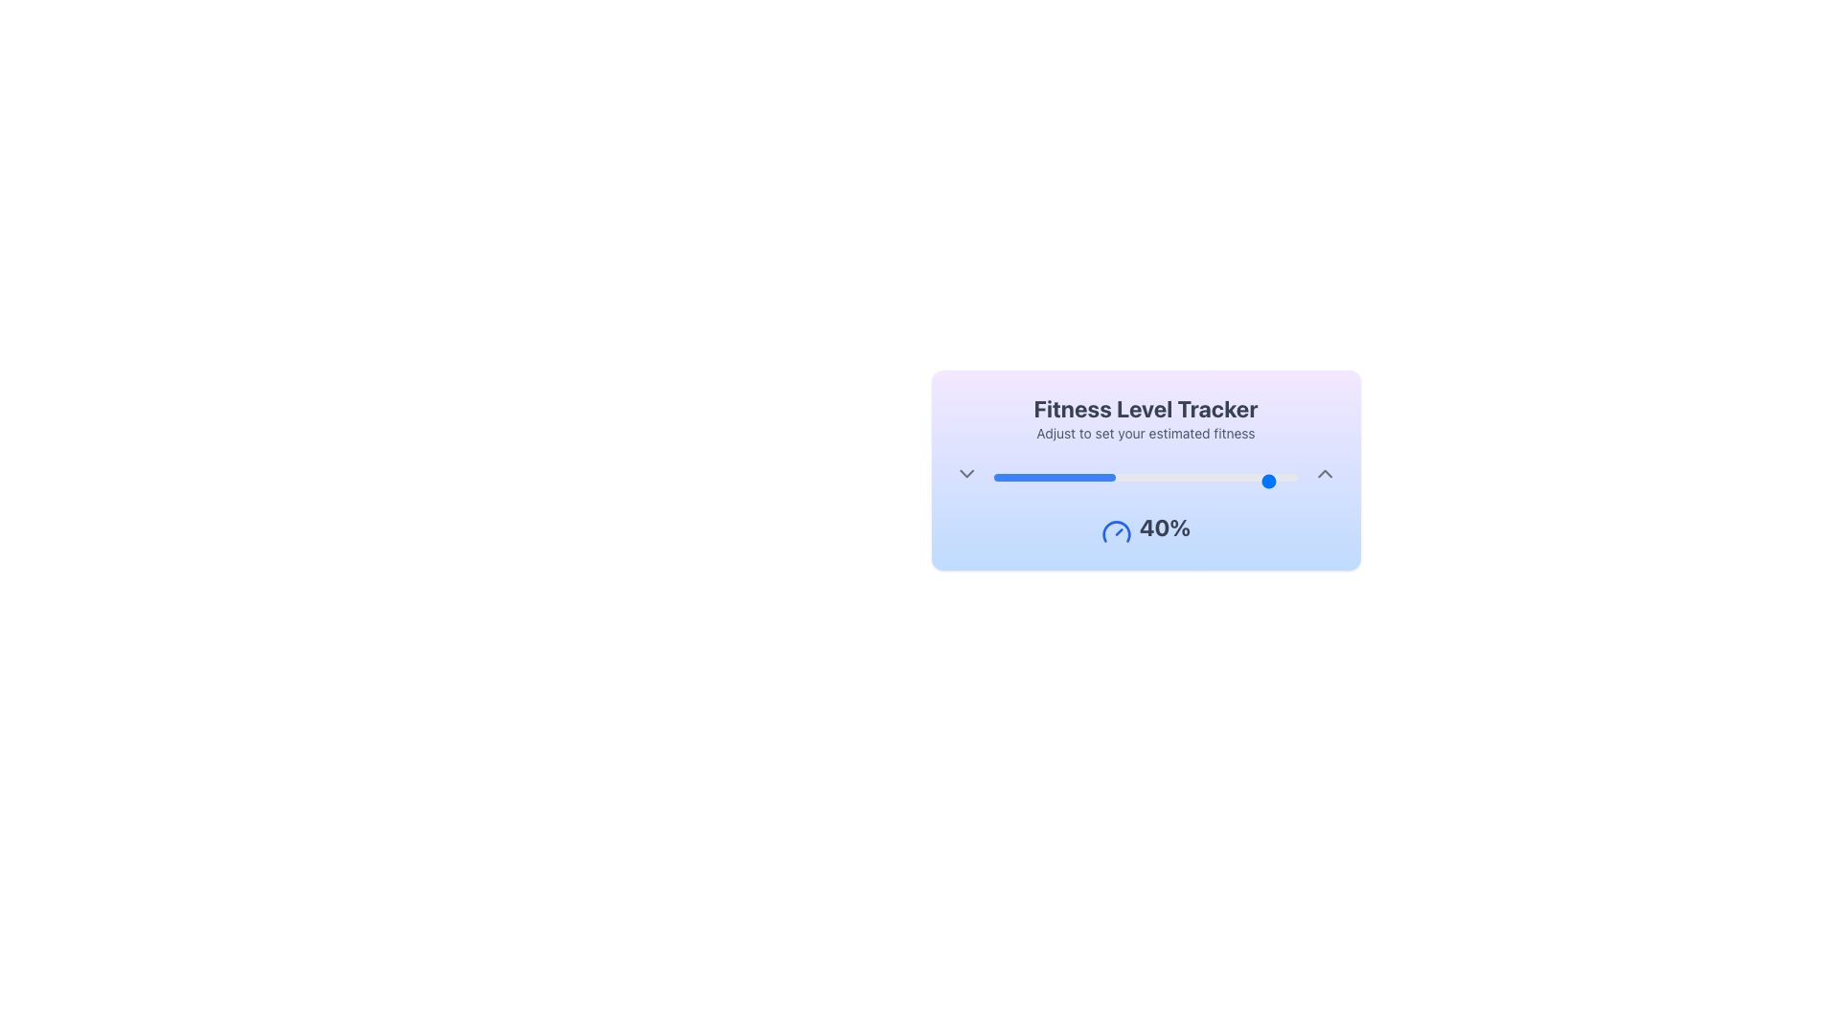 This screenshot has height=1034, width=1839. I want to click on label indicating 'Fitness Level Tracker', which serves as the title for the widget and is positioned above the sibling text 'Adjust to set your estimated fitness', so click(1146, 408).